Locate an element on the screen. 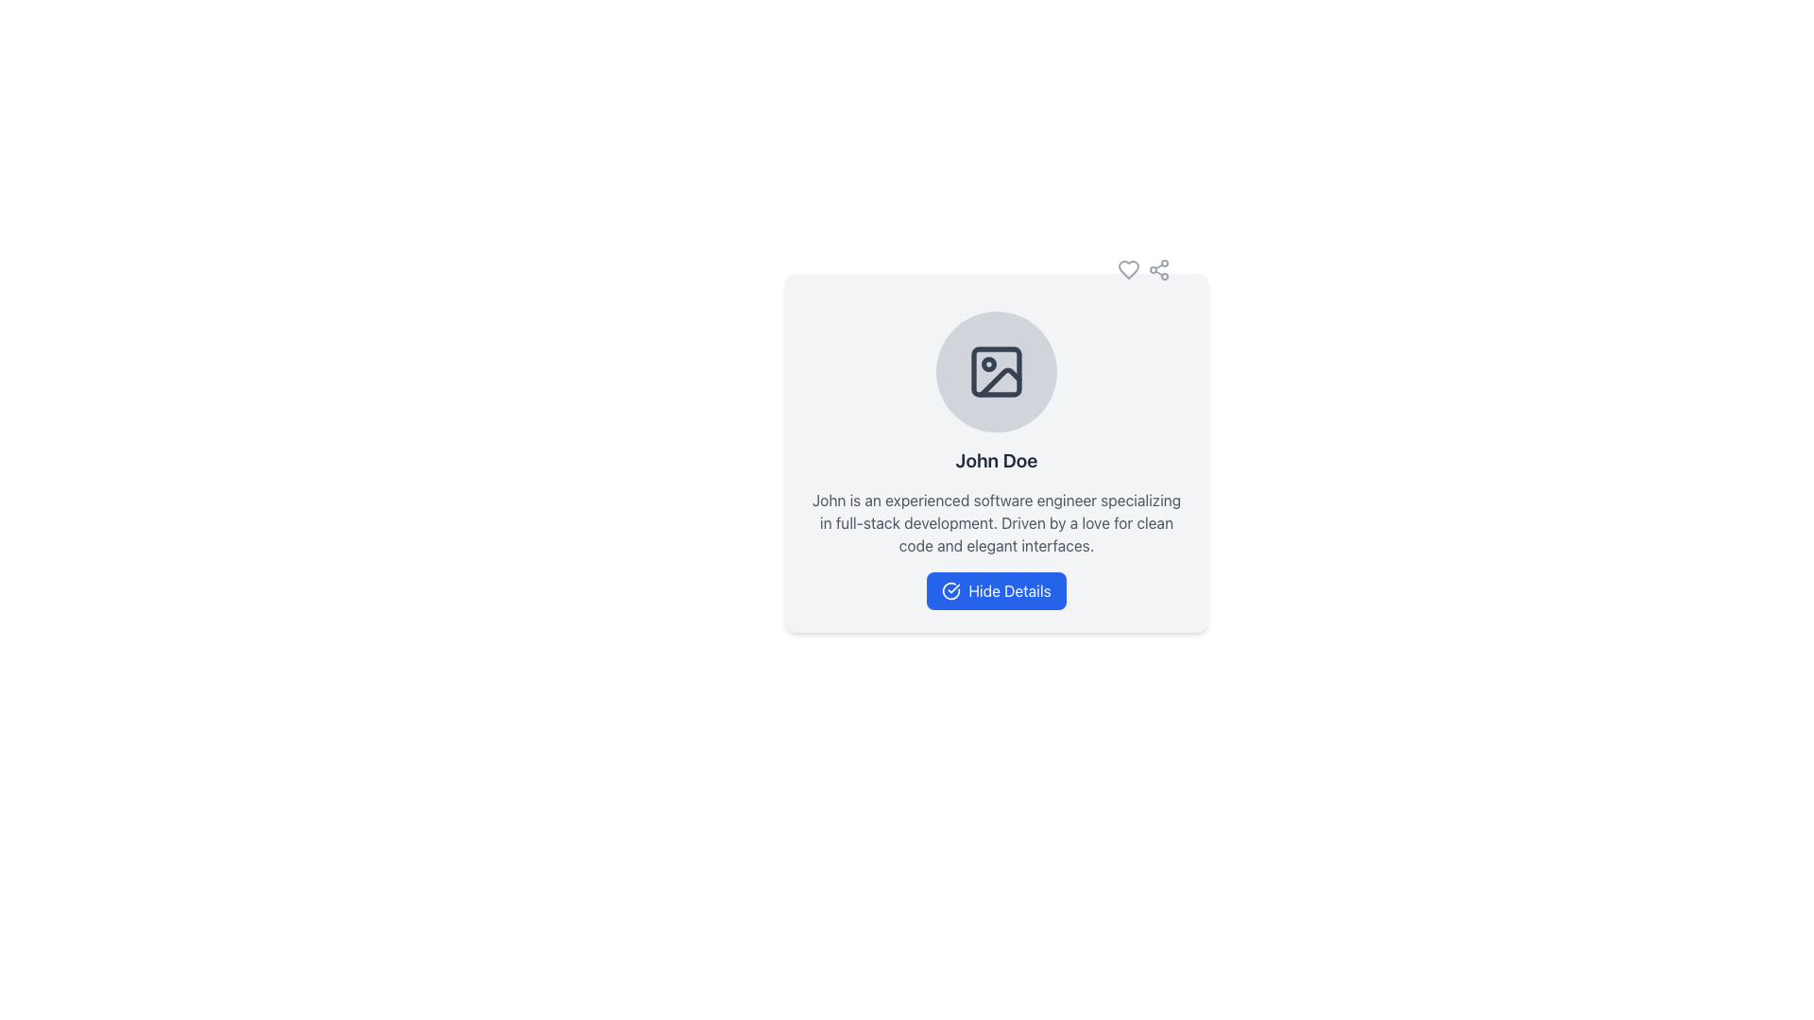  the text block that describes John Doe's expertise in software engineering and full-stack development, which is centered beneath the heading 'John Doe' and above the 'Hide Details' button is located at coordinates (996, 523).